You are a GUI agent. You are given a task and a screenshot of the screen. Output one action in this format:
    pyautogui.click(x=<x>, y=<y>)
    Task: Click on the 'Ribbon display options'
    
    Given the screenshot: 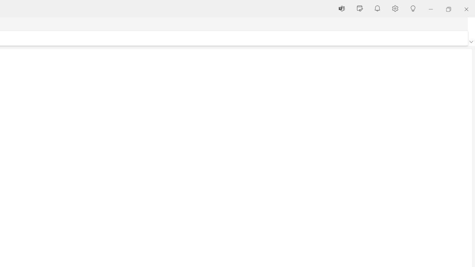 What is the action you would take?
    pyautogui.click(x=471, y=42)
    